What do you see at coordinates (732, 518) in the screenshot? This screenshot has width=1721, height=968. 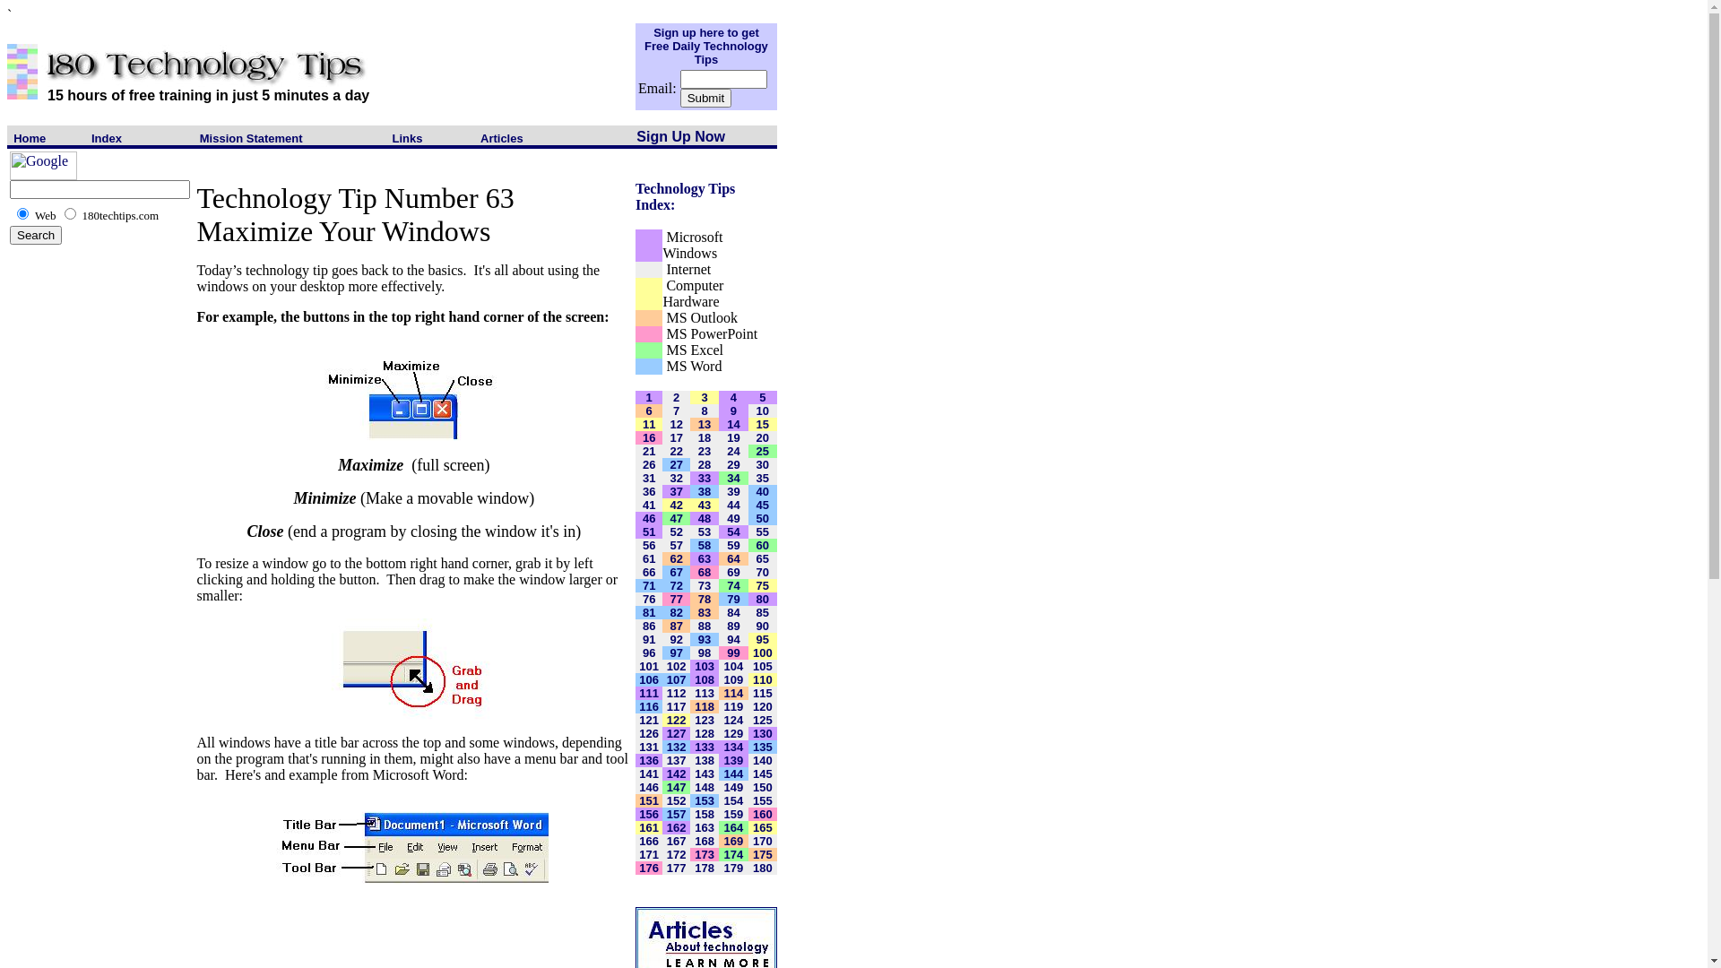 I see `'49'` at bounding box center [732, 518].